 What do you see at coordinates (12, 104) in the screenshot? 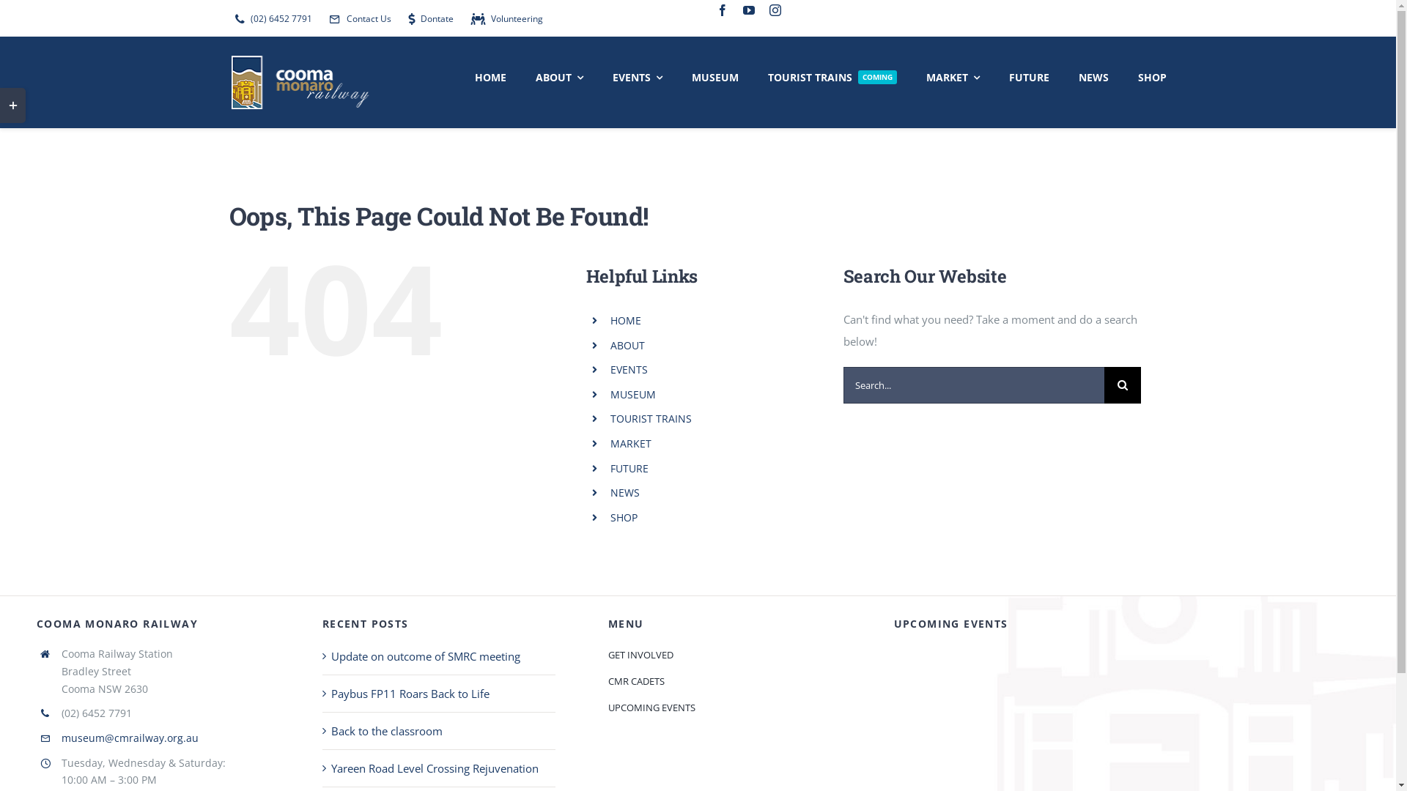
I see `'Toggle Sliding Bar Area'` at bounding box center [12, 104].